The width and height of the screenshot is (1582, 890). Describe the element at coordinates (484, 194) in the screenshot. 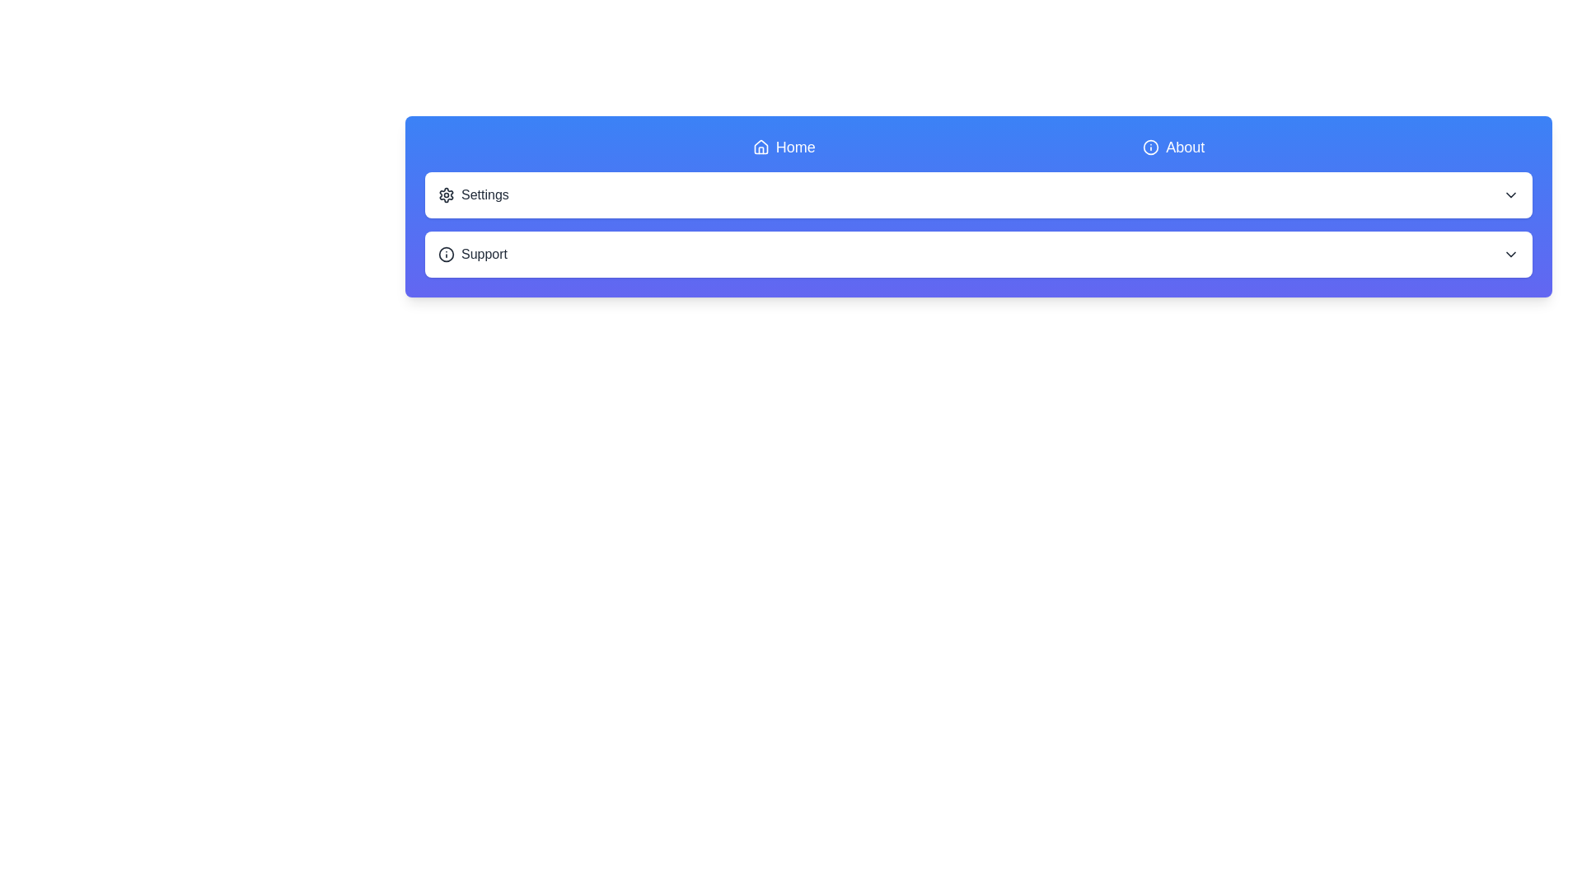

I see `the 'Settings' text label, which is styled in a dark color next` at that location.